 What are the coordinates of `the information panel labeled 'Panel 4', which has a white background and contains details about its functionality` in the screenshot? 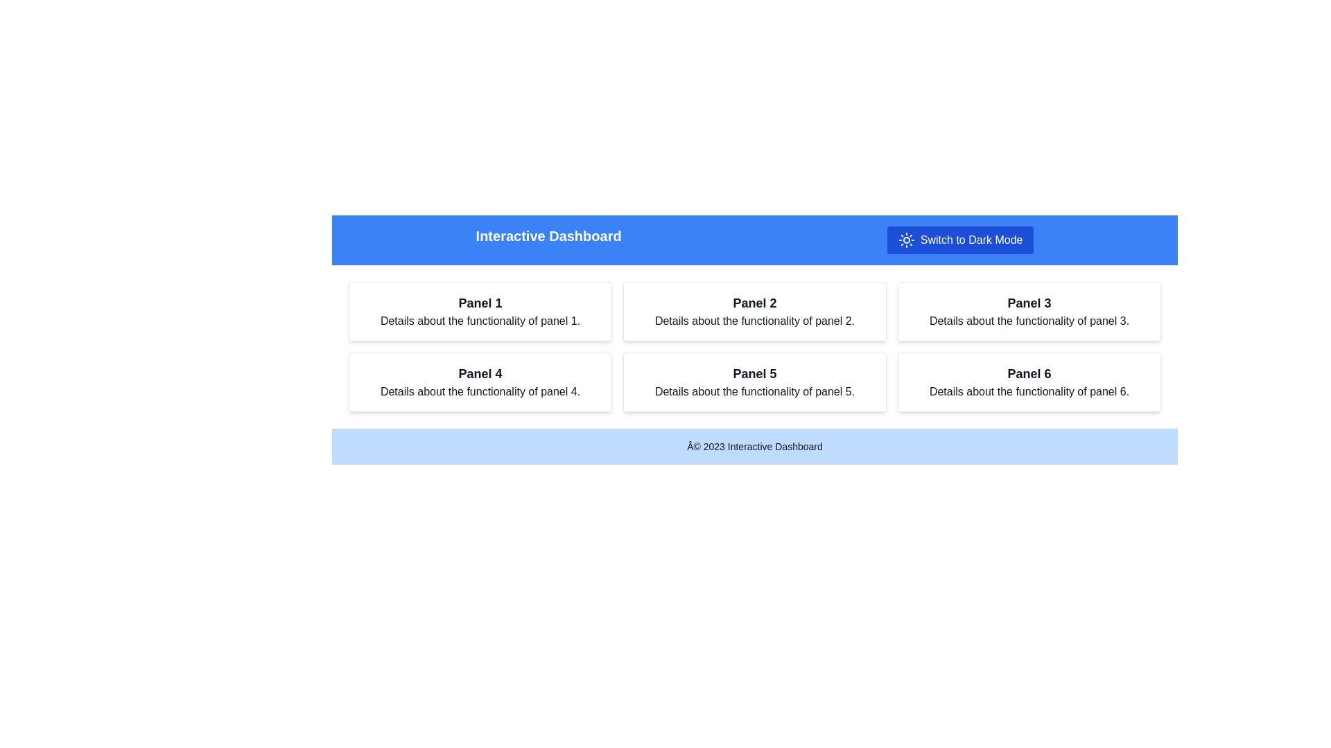 It's located at (480, 382).